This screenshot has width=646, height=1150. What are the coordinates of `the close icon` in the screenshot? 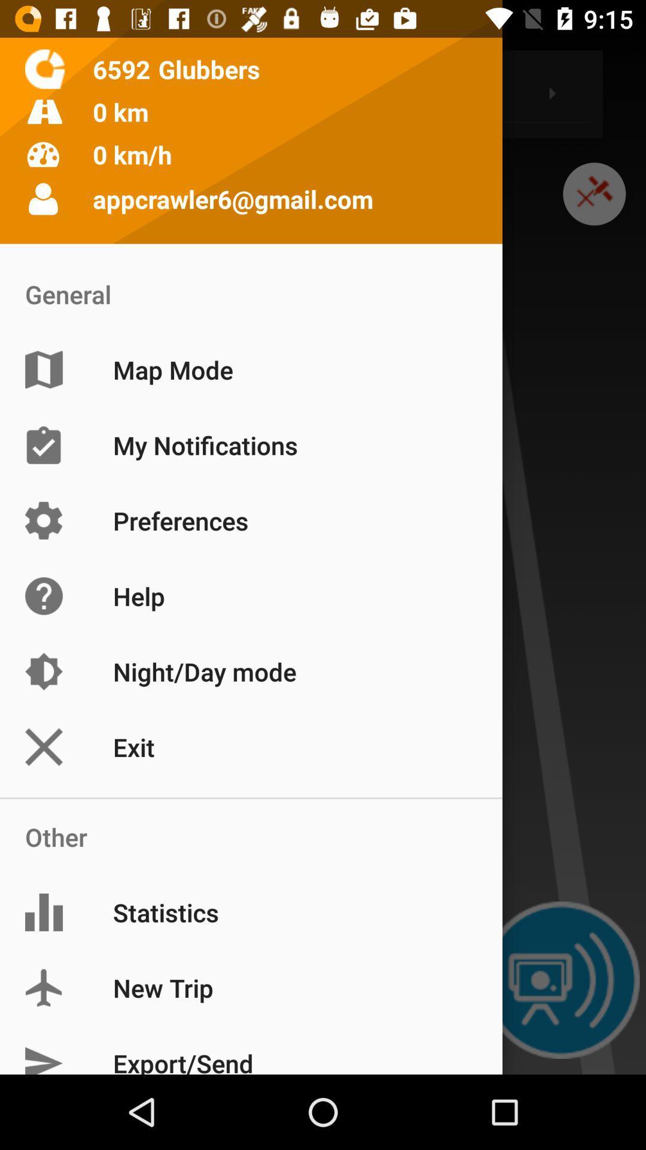 It's located at (594, 207).